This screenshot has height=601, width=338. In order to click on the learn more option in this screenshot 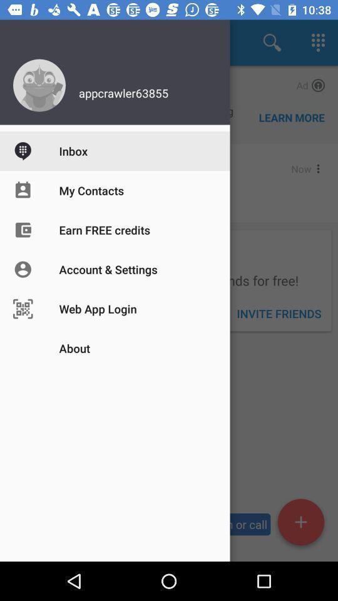, I will do `click(292, 117)`.